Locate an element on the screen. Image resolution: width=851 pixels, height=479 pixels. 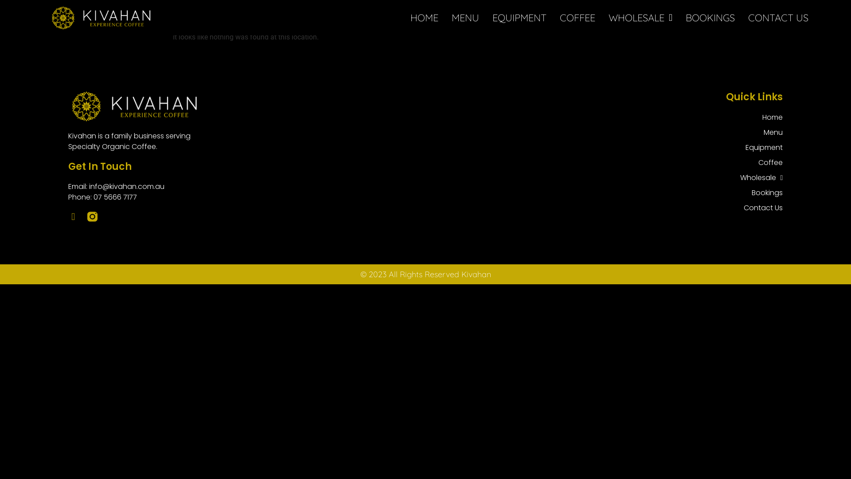
'MENU' is located at coordinates (465, 17).